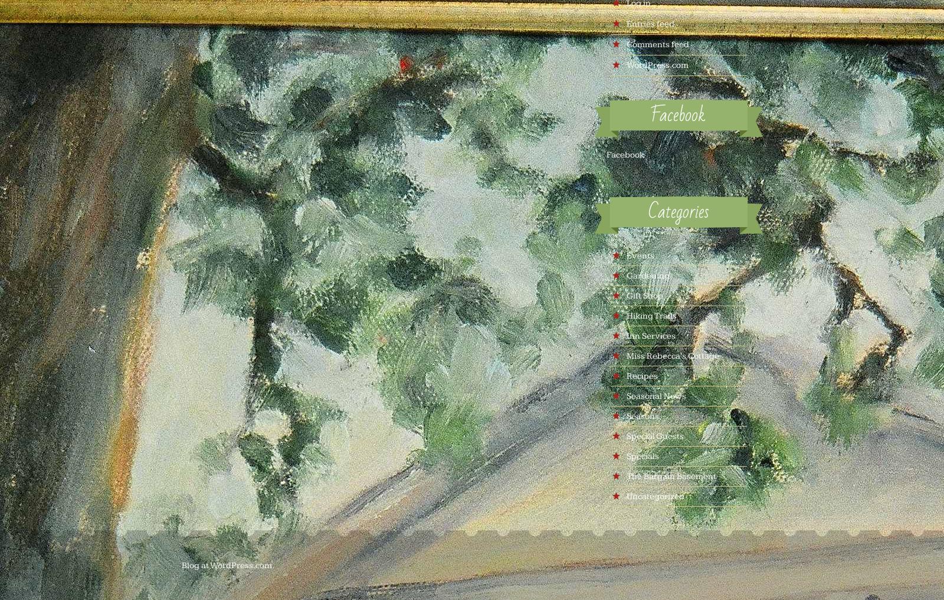  What do you see at coordinates (672, 355) in the screenshot?
I see `'Miss Rebecca's Cottage'` at bounding box center [672, 355].